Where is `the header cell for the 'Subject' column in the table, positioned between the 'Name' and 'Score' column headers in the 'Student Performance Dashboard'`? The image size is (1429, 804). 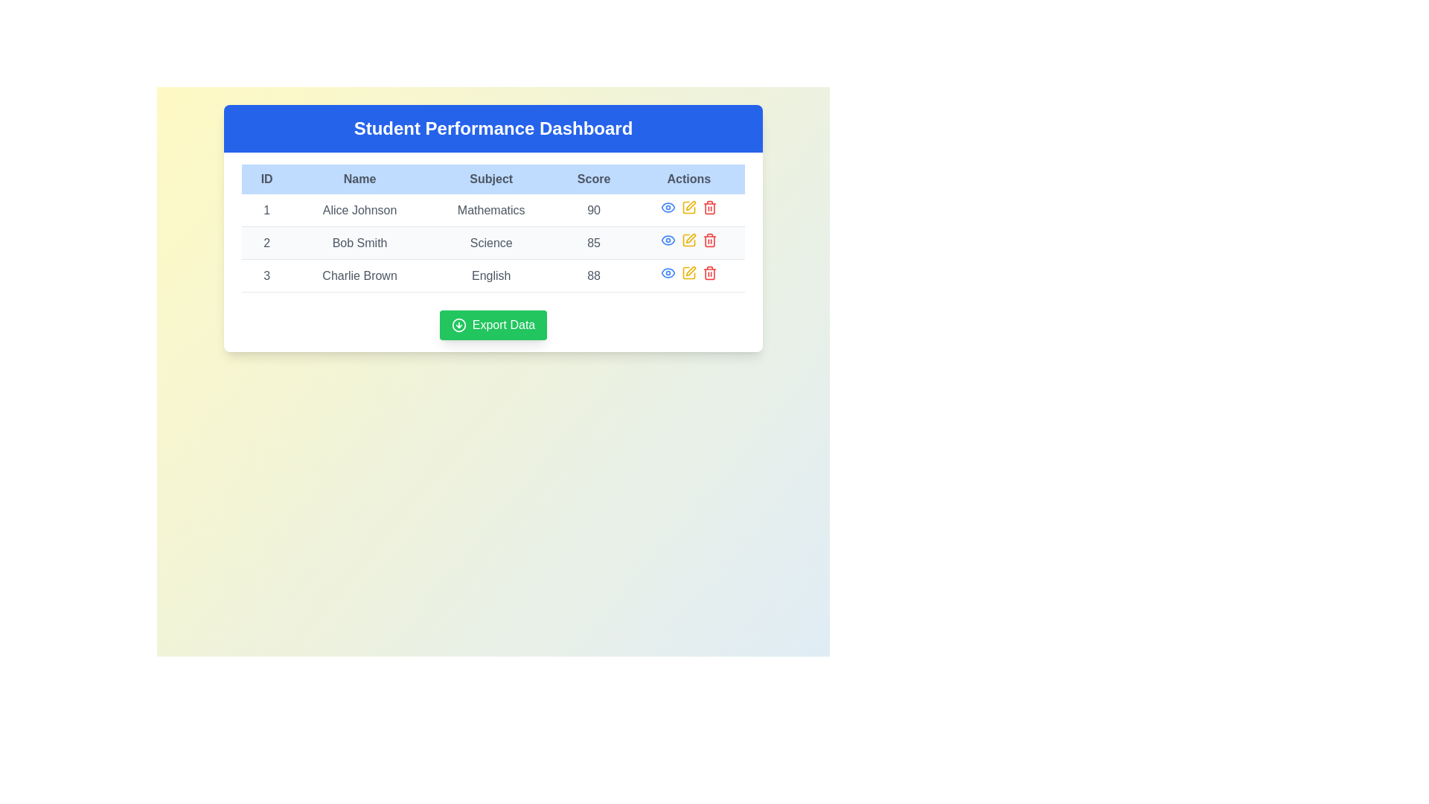
the header cell for the 'Subject' column in the table, positioned between the 'Name' and 'Score' column headers in the 'Student Performance Dashboard' is located at coordinates (493, 178).